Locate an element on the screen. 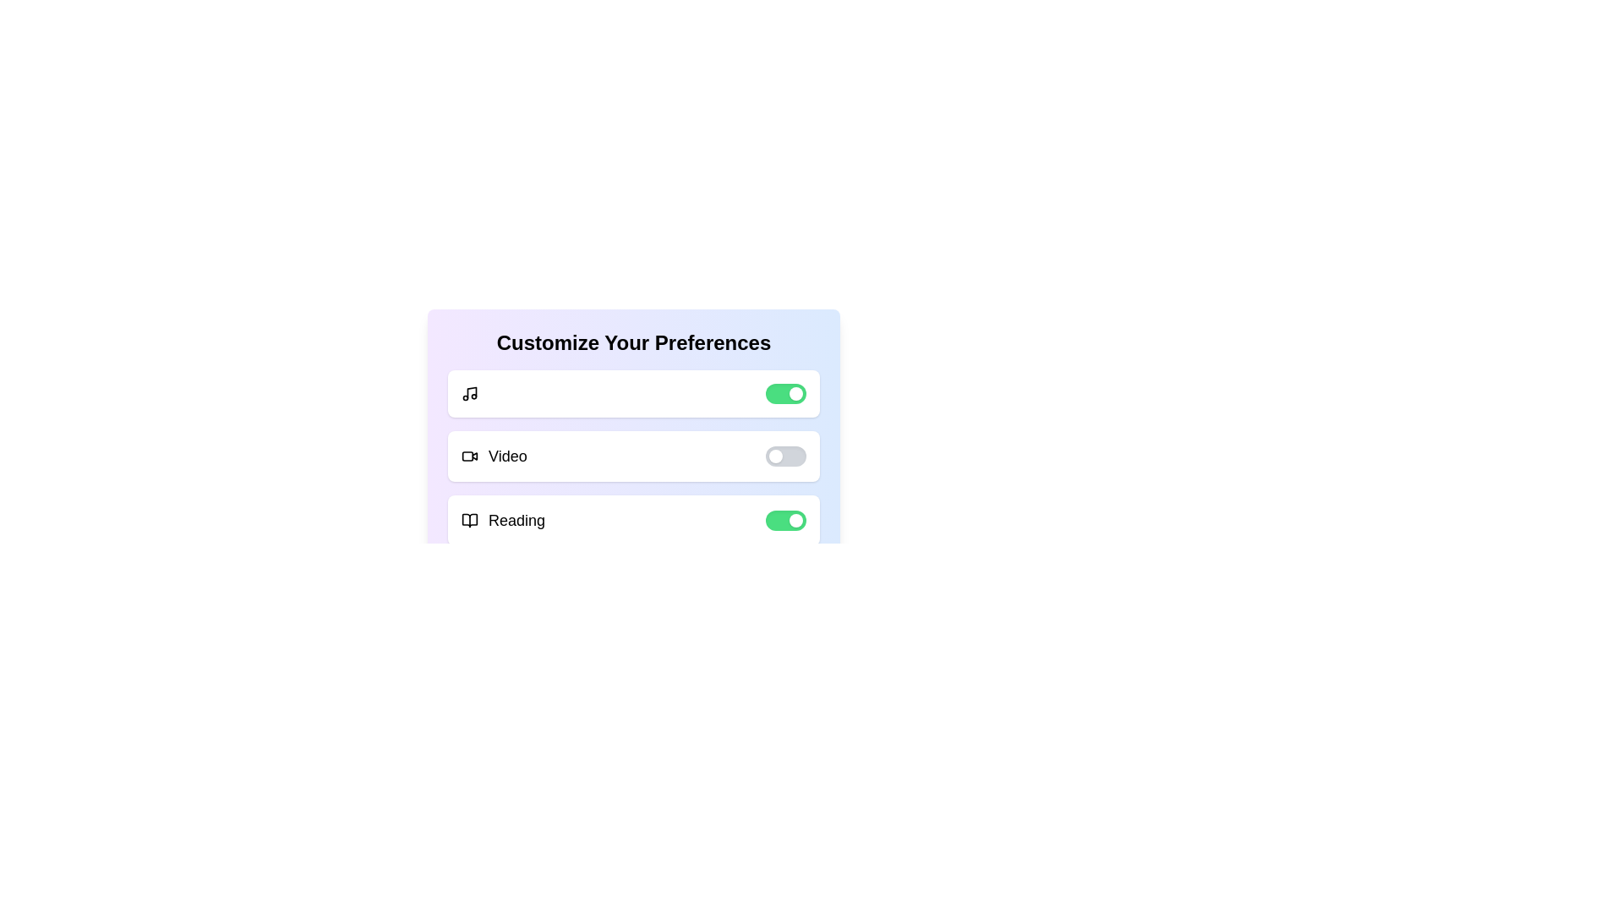  the text 'Customize Your Preferences' to select it is located at coordinates (632, 342).